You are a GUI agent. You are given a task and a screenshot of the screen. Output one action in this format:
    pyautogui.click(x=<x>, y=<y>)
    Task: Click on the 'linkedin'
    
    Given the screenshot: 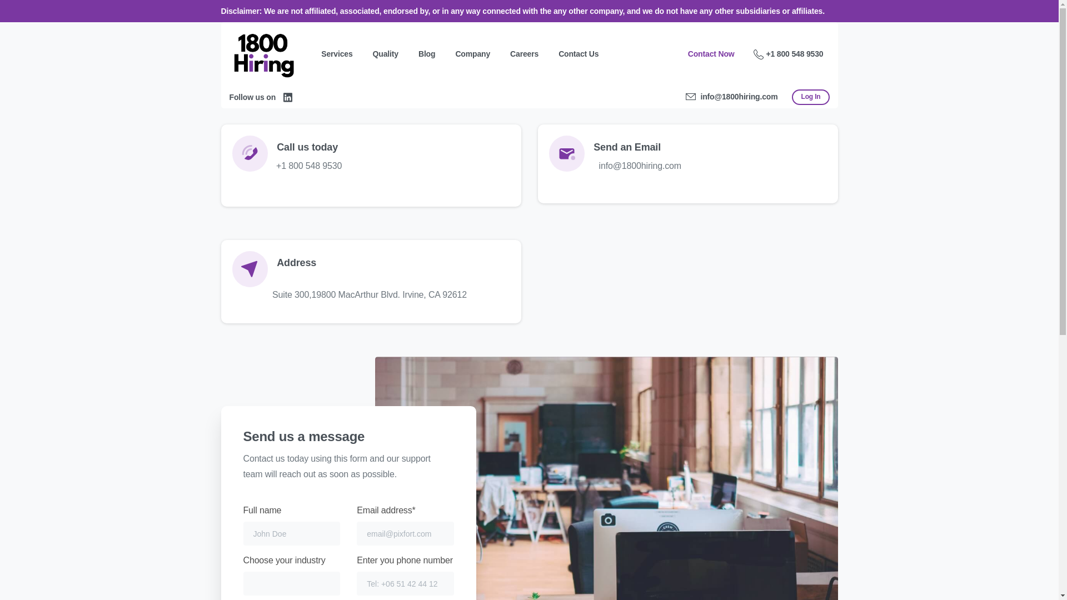 What is the action you would take?
    pyautogui.click(x=288, y=96)
    